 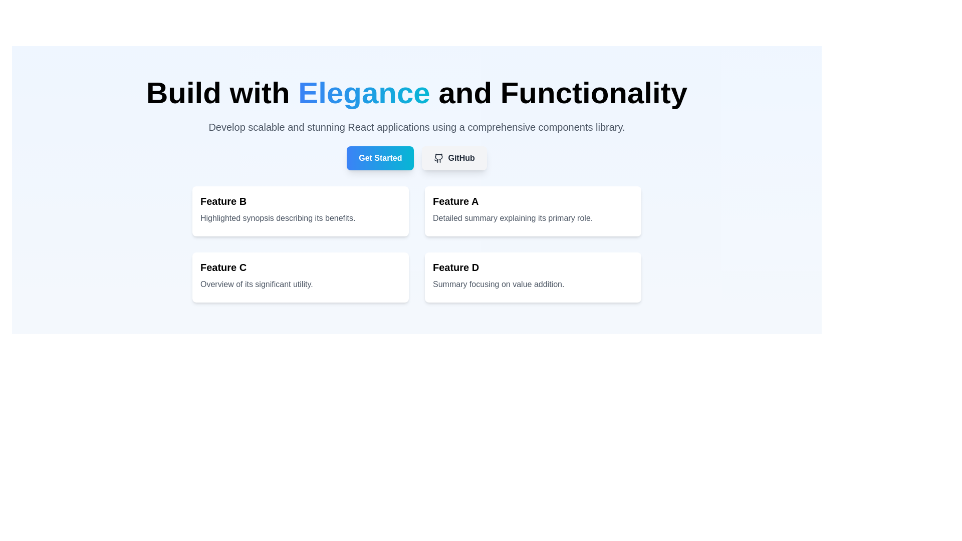 I want to click on the card with a white background and rounded corners that displays 'Feature A' at the top and a descriptive sentence below it, located in the first row and second column of the grid layout, so click(x=533, y=210).